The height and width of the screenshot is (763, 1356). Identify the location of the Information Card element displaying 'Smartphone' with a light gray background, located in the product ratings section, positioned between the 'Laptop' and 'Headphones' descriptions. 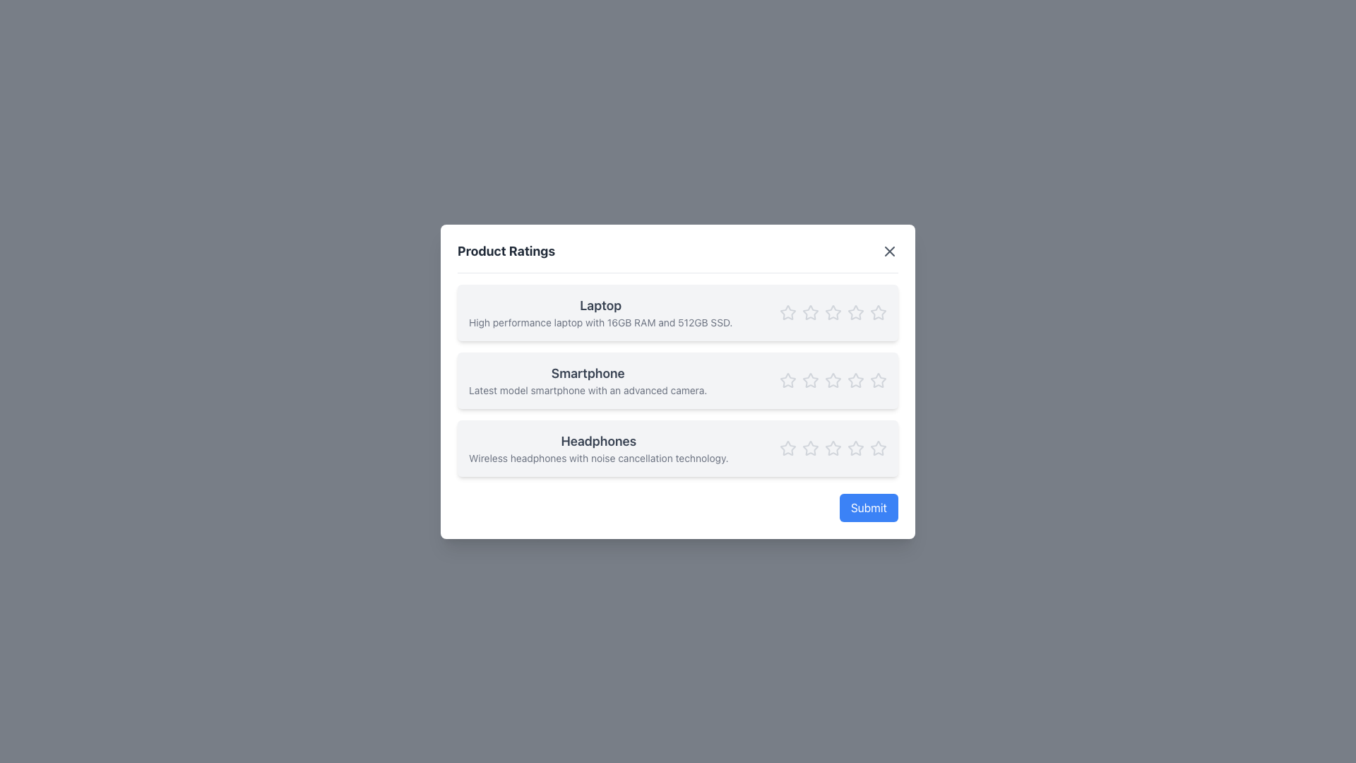
(678, 379).